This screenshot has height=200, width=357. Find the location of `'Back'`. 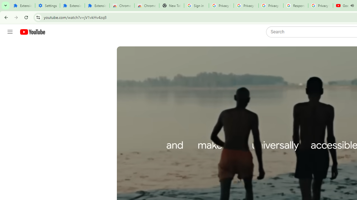

'Back' is located at coordinates (5, 17).